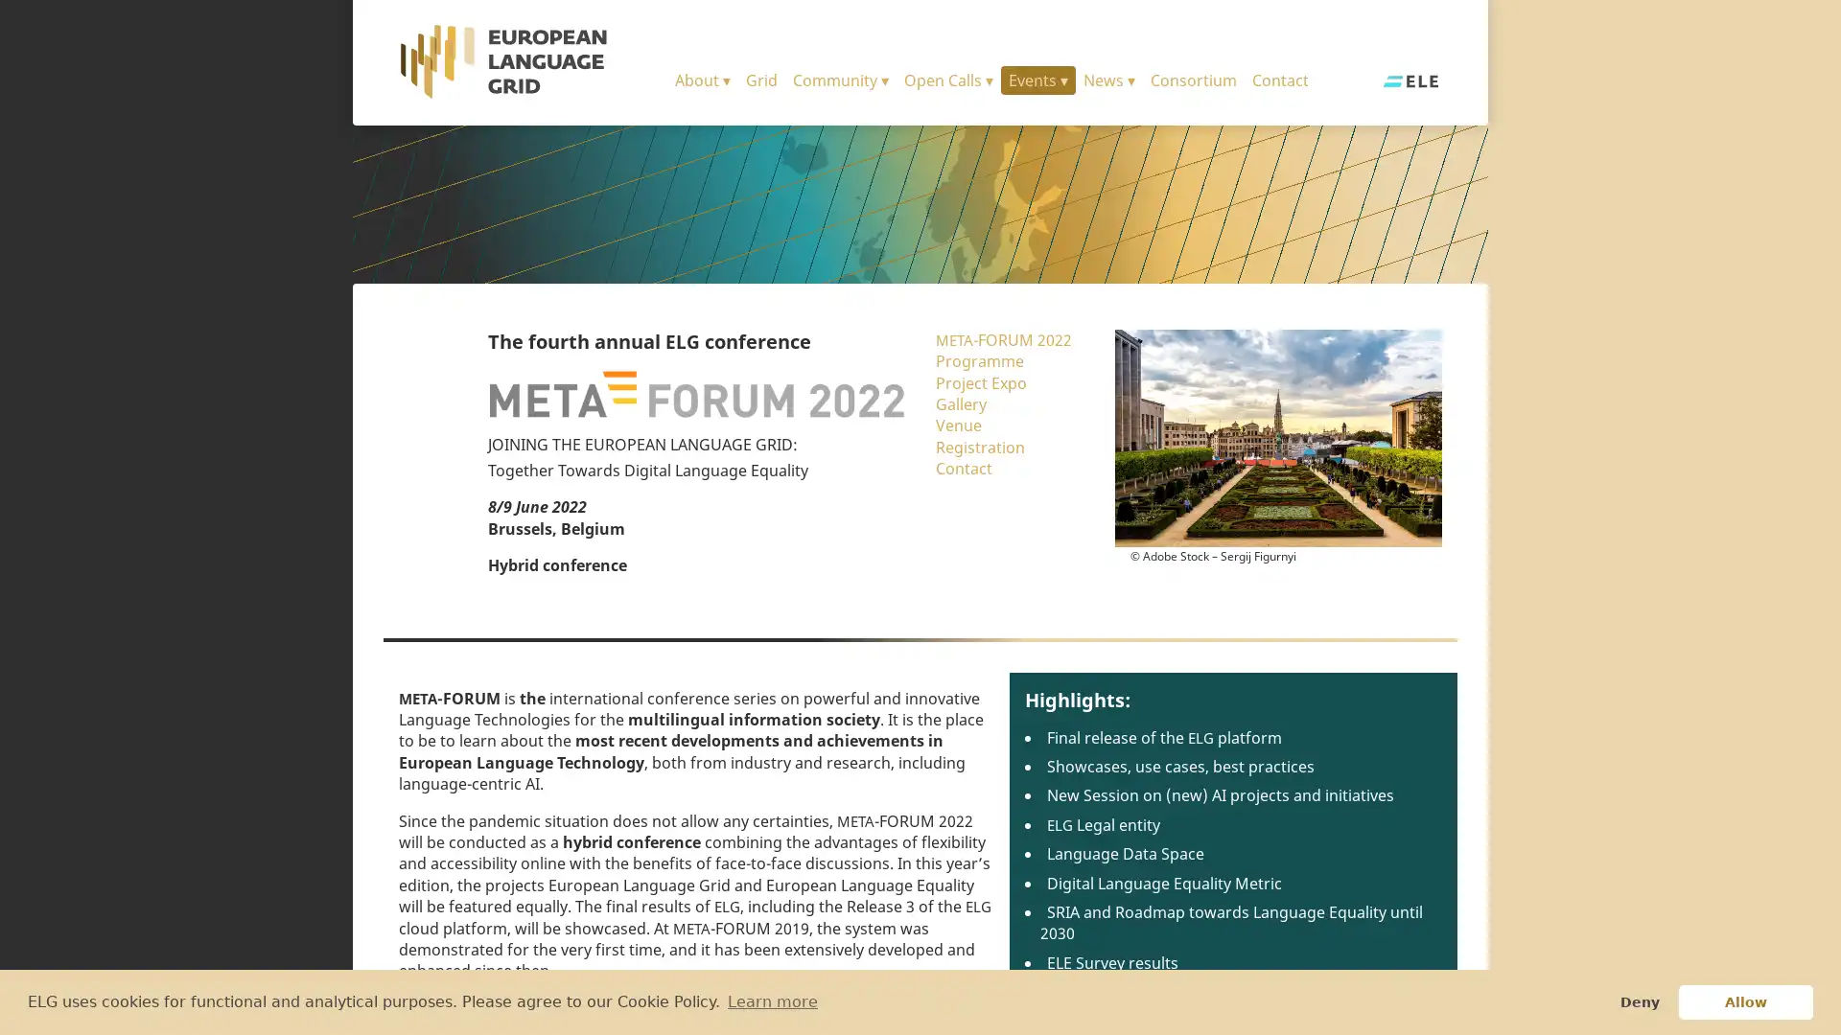 This screenshot has width=1841, height=1035. Describe the element at coordinates (772, 1000) in the screenshot. I see `learn more about cookies` at that location.